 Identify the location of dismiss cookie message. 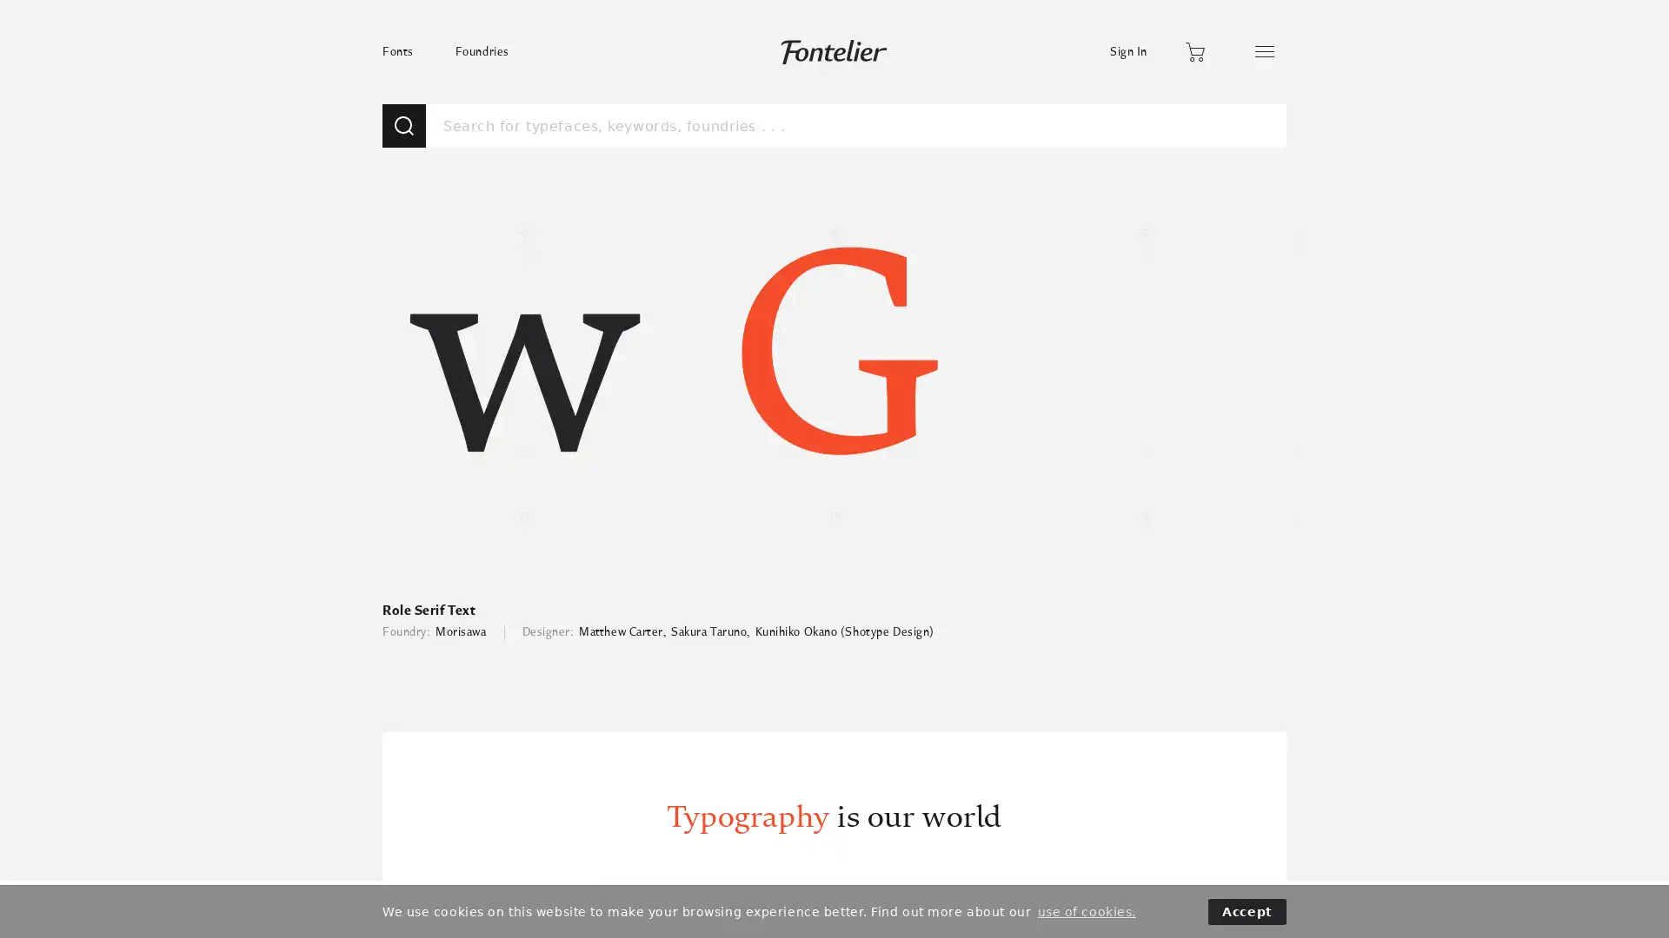
(1247, 910).